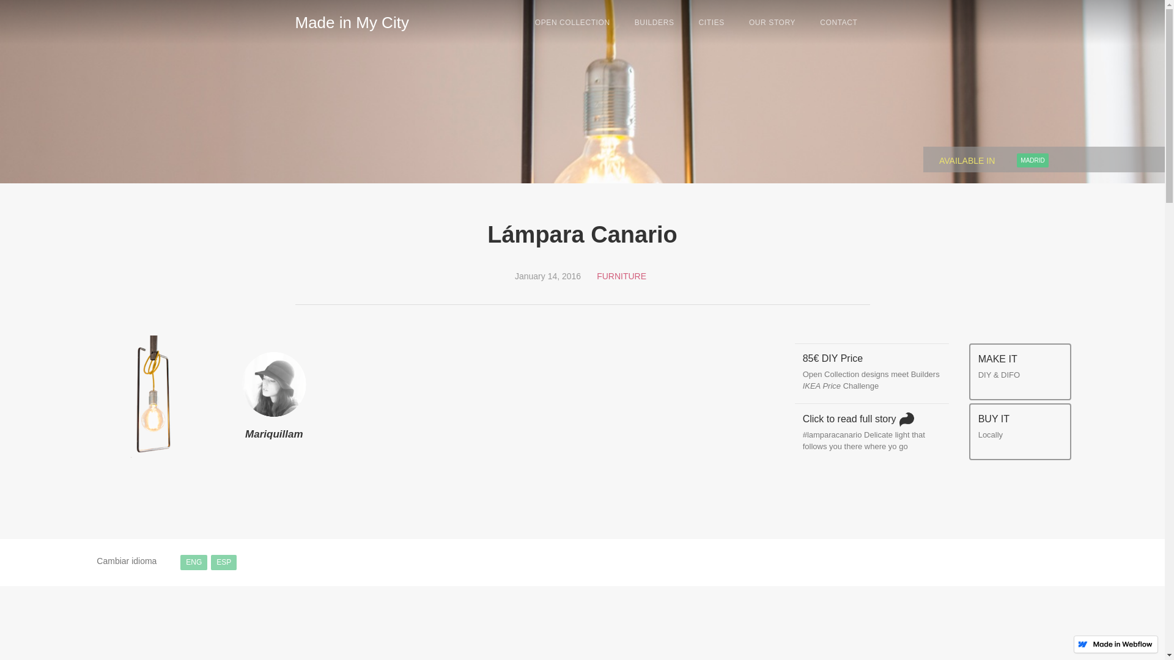 This screenshot has width=1174, height=660. I want to click on 'OPEN COLLECTION', so click(572, 23).